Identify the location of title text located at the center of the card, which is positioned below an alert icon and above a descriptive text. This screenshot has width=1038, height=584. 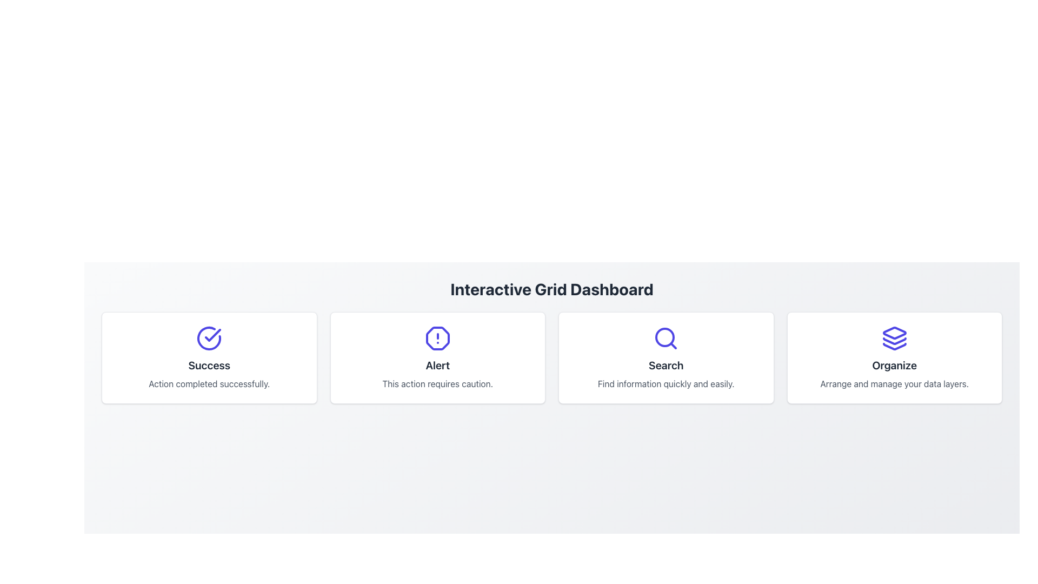
(437, 365).